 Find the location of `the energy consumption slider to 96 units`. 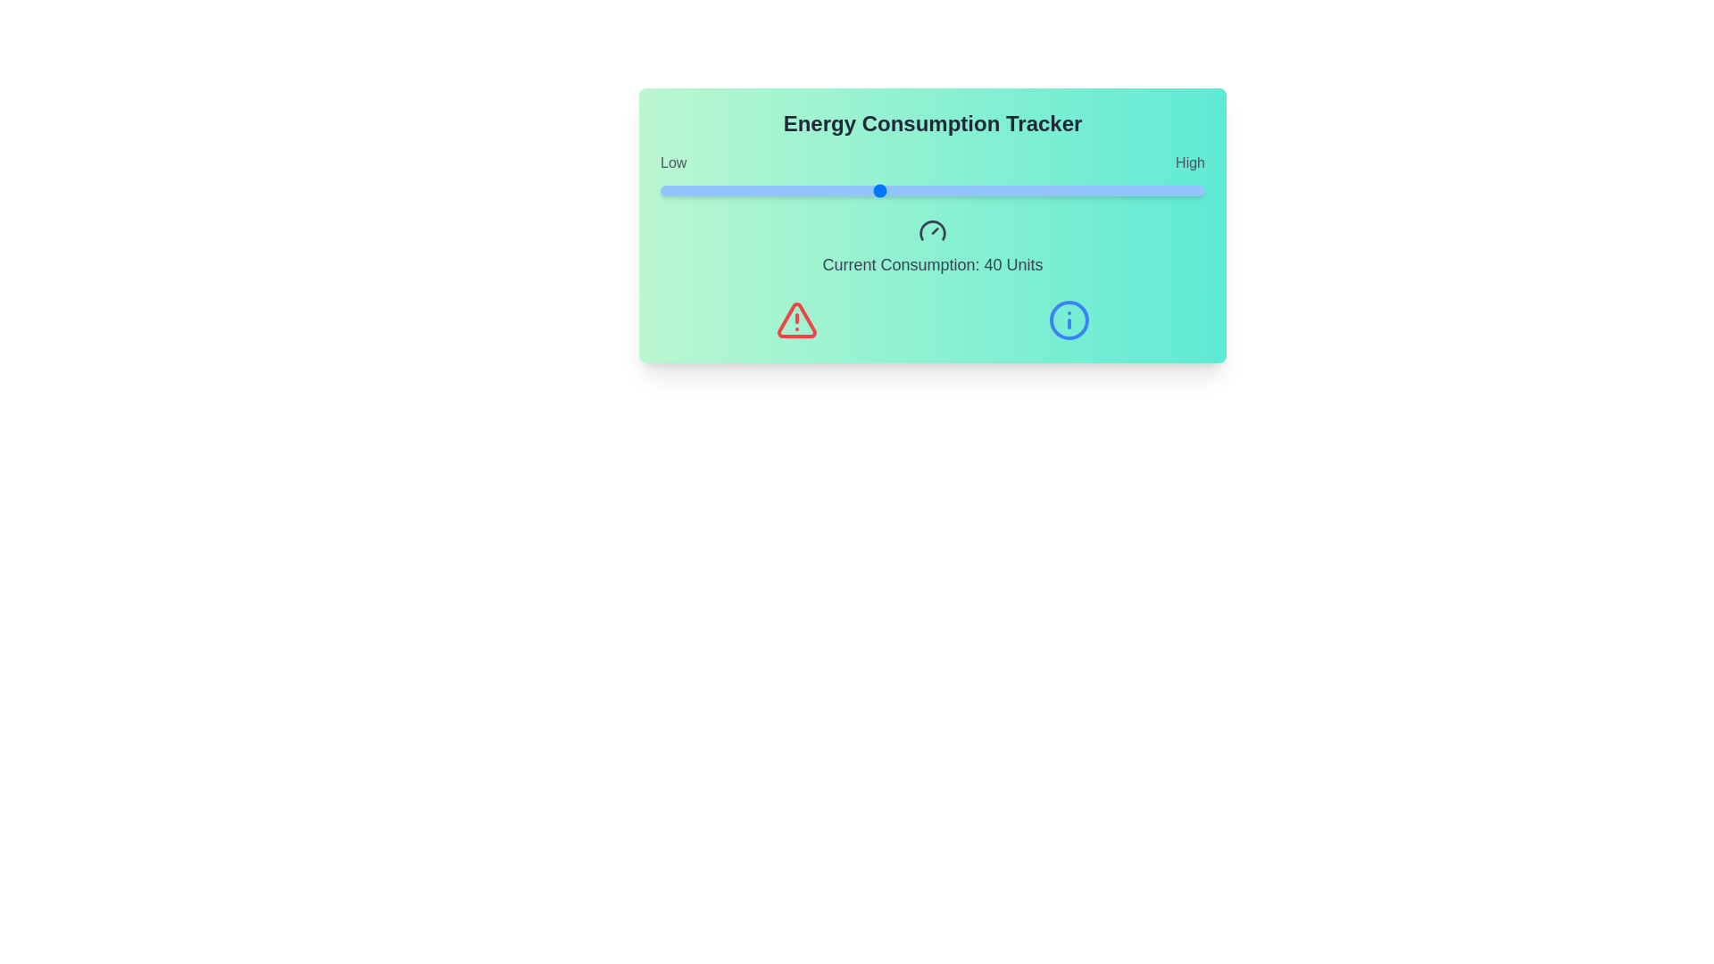

the energy consumption slider to 96 units is located at coordinates (1183, 190).